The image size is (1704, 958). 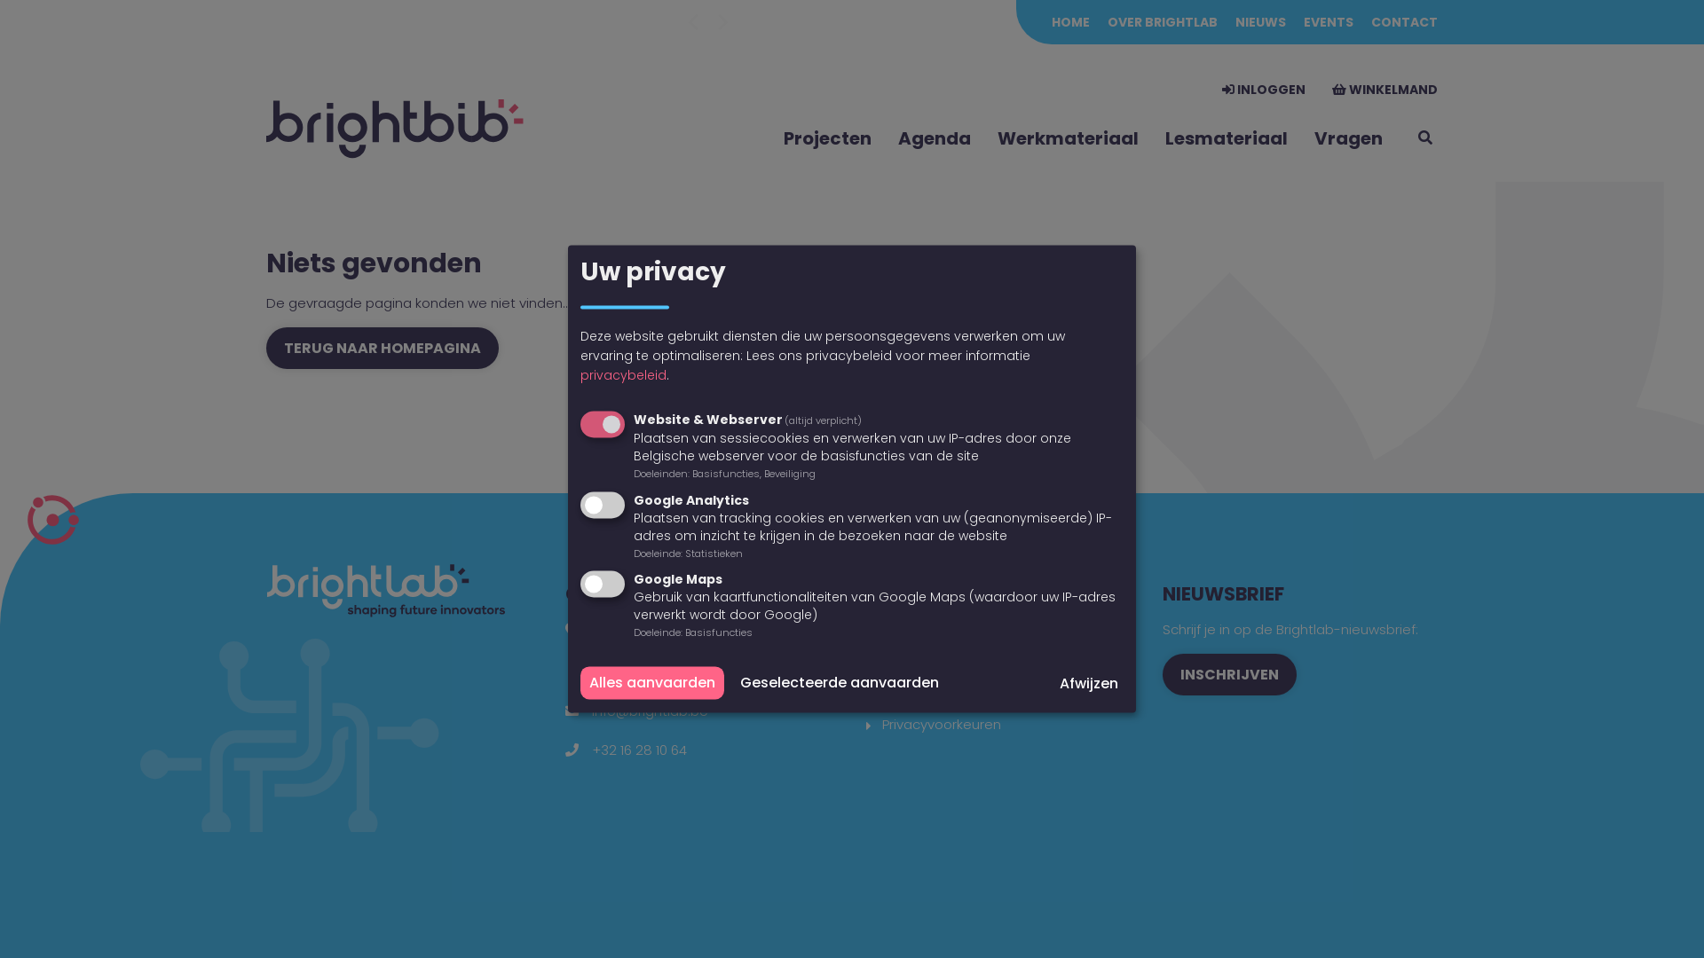 What do you see at coordinates (1314, 137) in the screenshot?
I see `'Vragen'` at bounding box center [1314, 137].